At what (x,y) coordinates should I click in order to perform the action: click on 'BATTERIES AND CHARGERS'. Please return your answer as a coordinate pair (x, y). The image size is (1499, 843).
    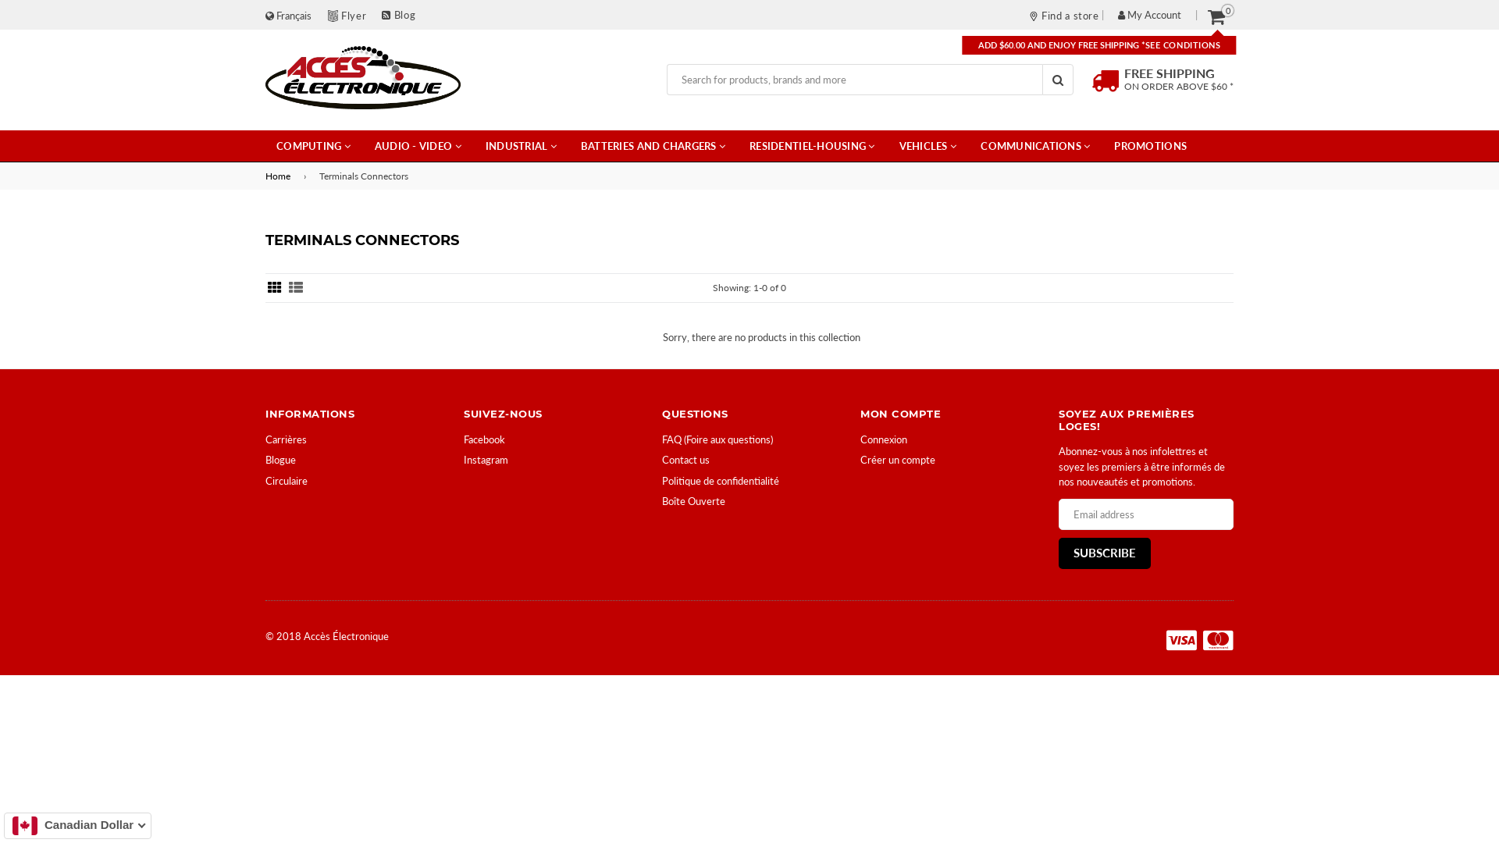
    Looking at the image, I should click on (653, 145).